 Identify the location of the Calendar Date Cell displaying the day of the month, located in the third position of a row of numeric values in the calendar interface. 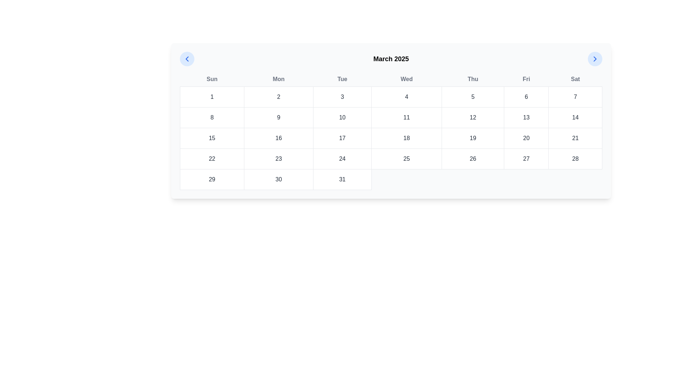
(278, 159).